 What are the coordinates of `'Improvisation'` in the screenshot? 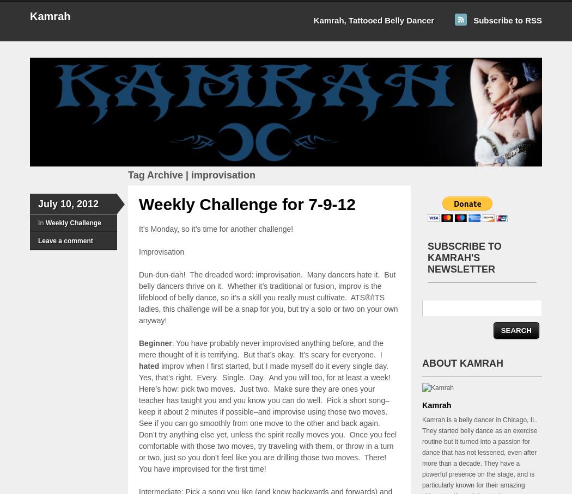 It's located at (161, 251).